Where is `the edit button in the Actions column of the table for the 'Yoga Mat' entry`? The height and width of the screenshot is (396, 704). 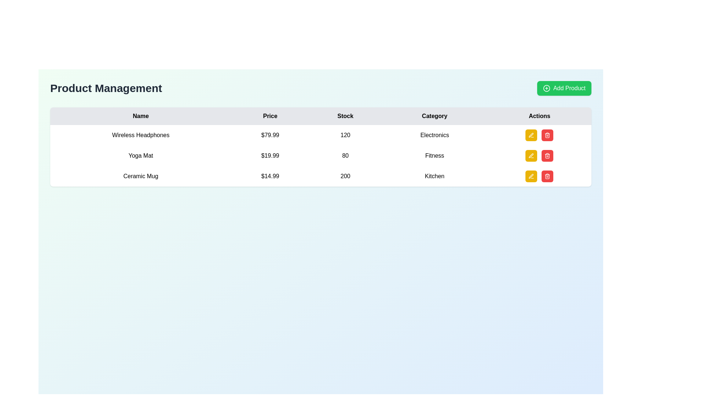
the edit button in the Actions column of the table for the 'Yoga Mat' entry is located at coordinates (531, 155).